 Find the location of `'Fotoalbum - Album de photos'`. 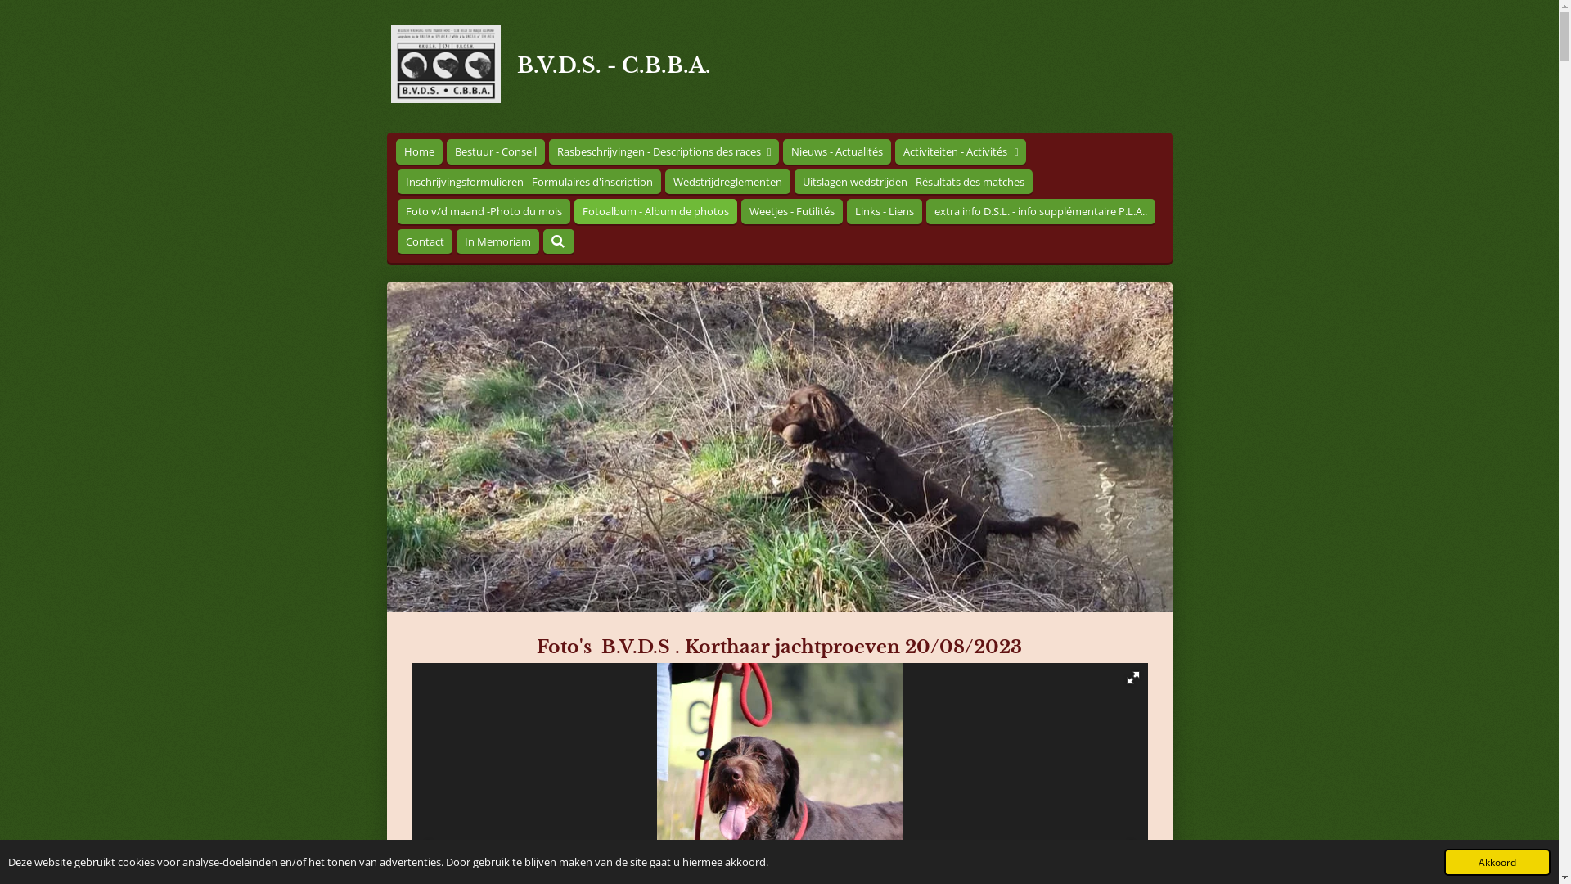

'Fotoalbum - Album de photos' is located at coordinates (574, 210).